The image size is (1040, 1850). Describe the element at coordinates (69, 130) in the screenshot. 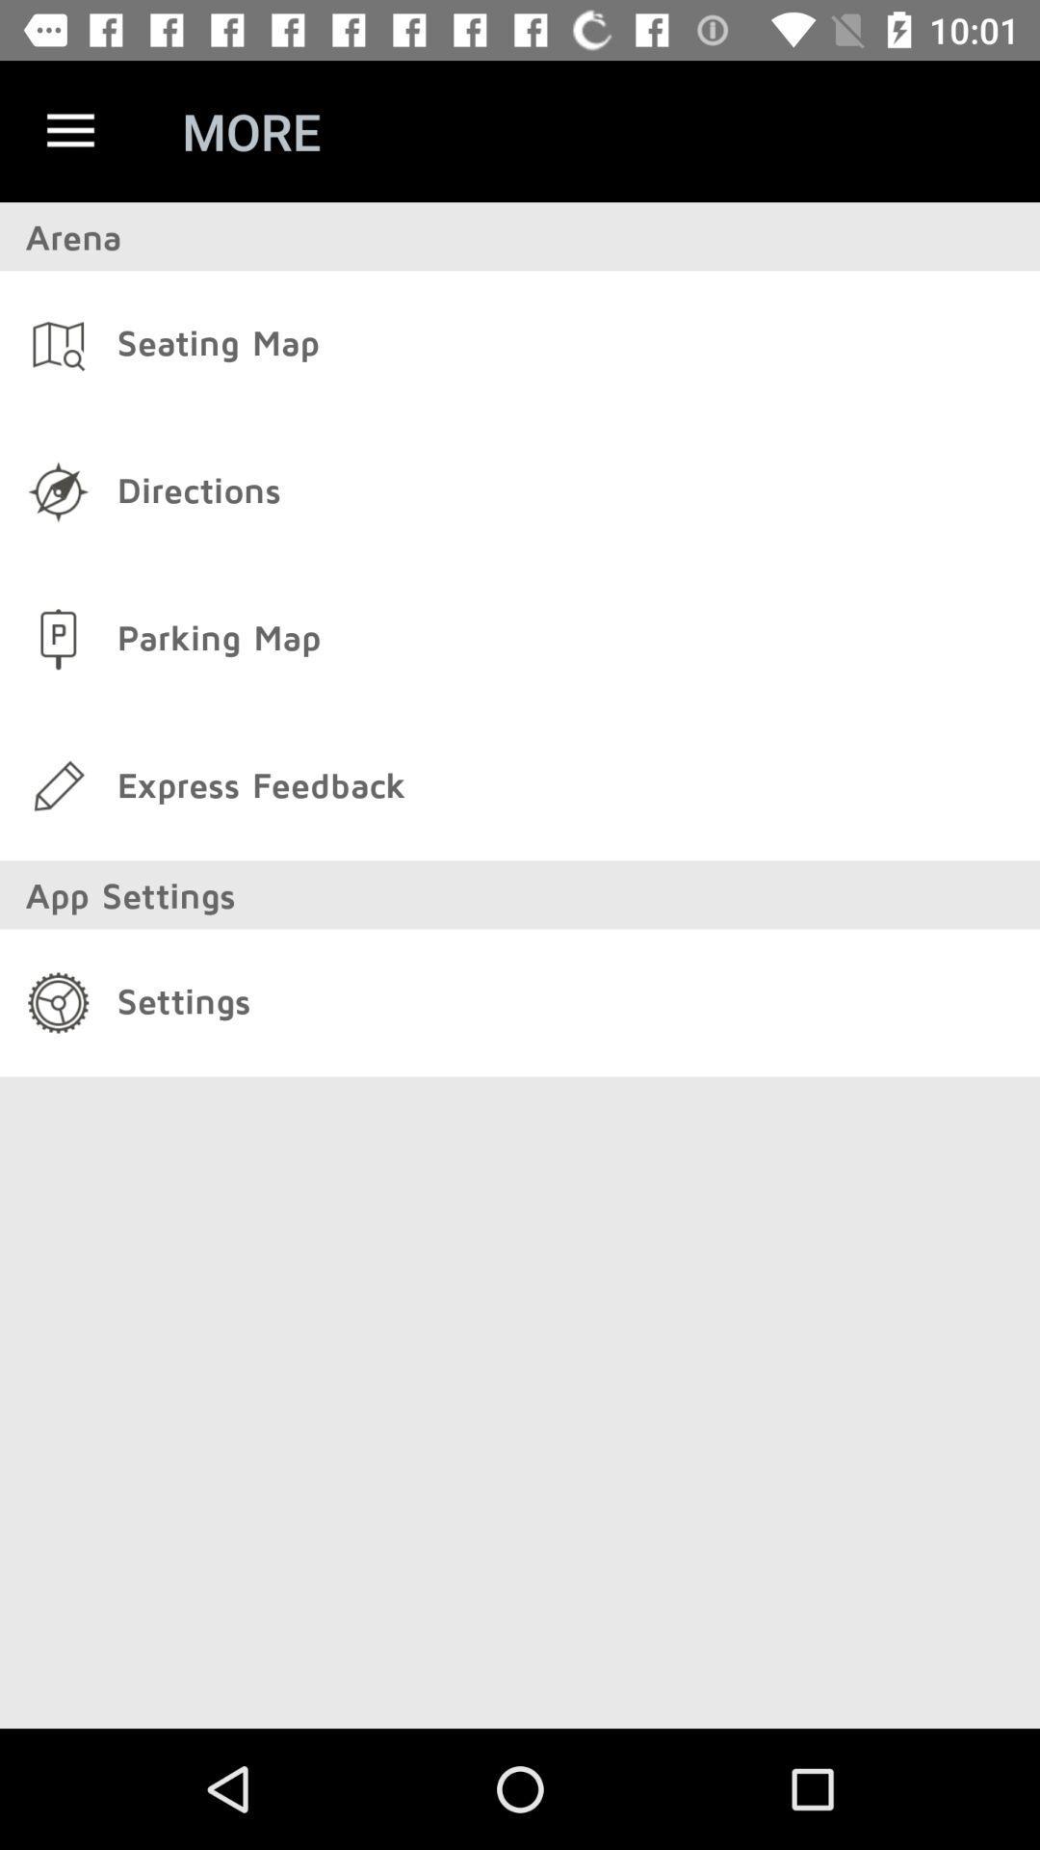

I see `the icon above the arena item` at that location.